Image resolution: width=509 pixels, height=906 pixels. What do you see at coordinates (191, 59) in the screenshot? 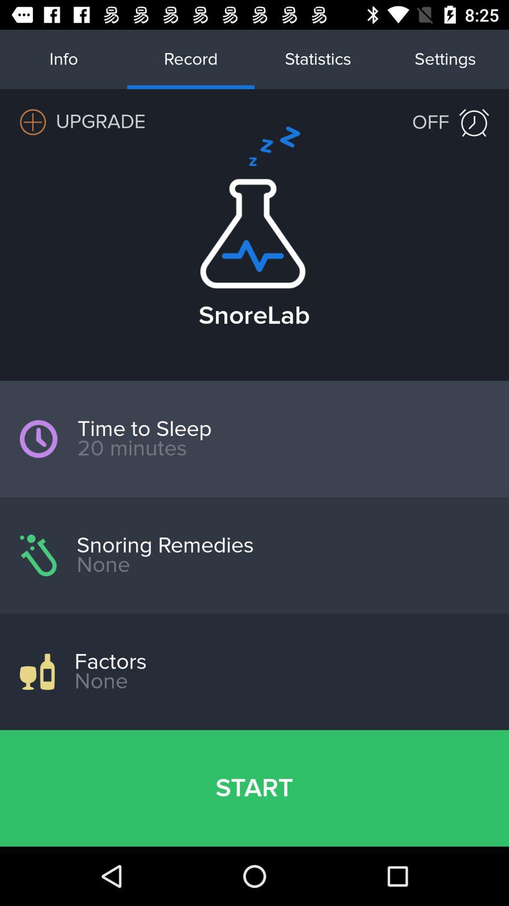
I see `record on the top of the web page` at bounding box center [191, 59].